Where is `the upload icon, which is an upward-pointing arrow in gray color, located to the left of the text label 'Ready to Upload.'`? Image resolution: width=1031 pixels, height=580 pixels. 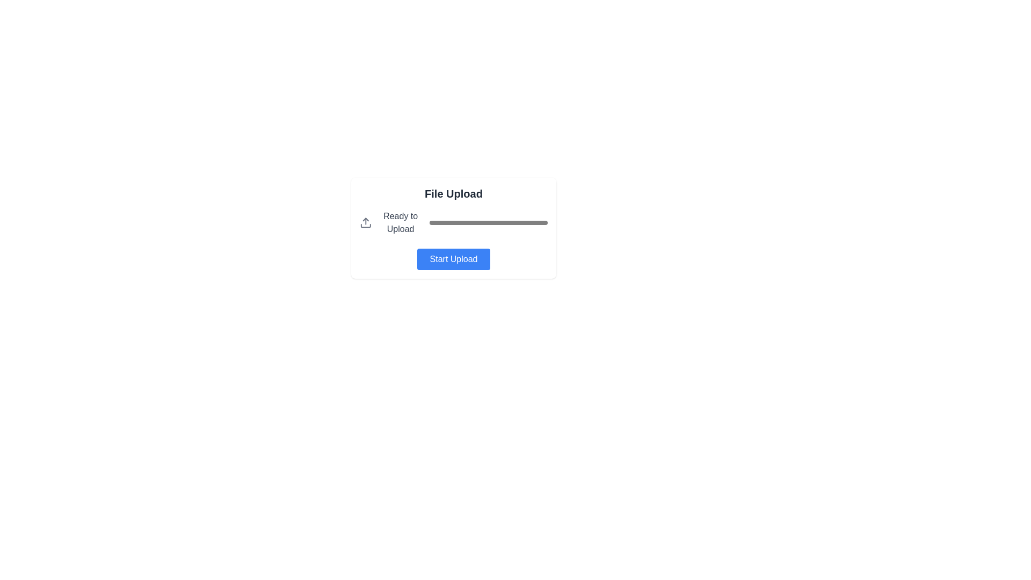
the upload icon, which is an upward-pointing arrow in gray color, located to the left of the text label 'Ready to Upload.' is located at coordinates (366, 222).